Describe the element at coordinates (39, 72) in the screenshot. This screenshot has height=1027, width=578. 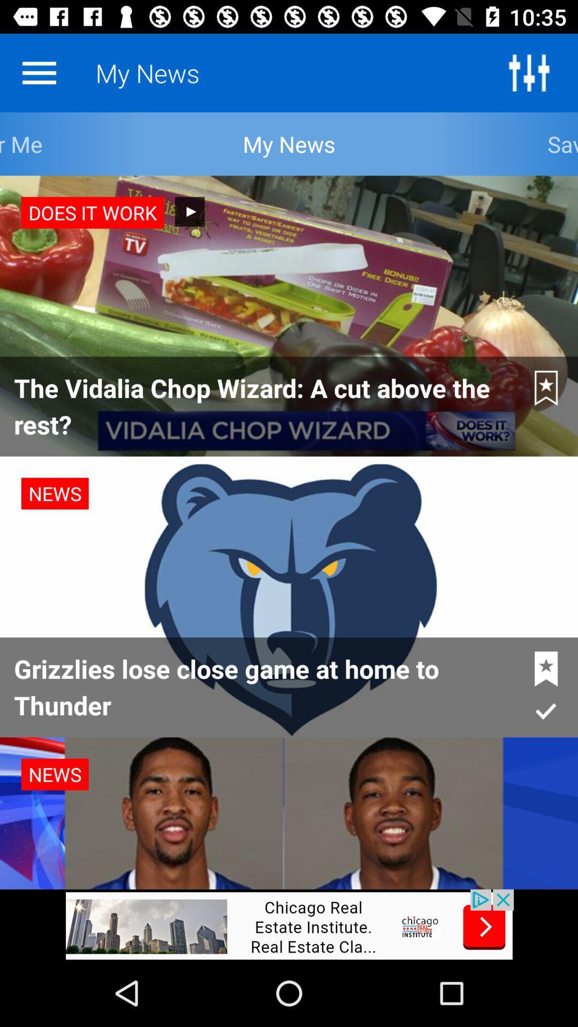
I see `menu option` at that location.